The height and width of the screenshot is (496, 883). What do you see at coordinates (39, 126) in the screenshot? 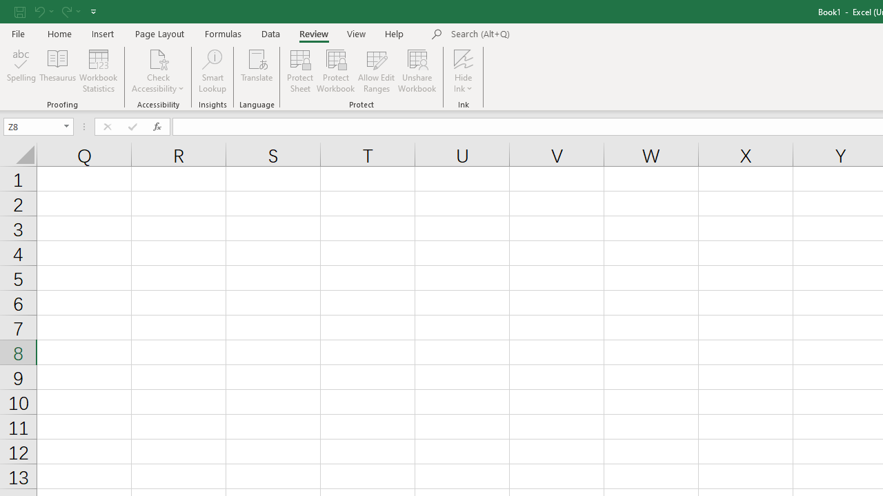
I see `'Name Box'` at bounding box center [39, 126].